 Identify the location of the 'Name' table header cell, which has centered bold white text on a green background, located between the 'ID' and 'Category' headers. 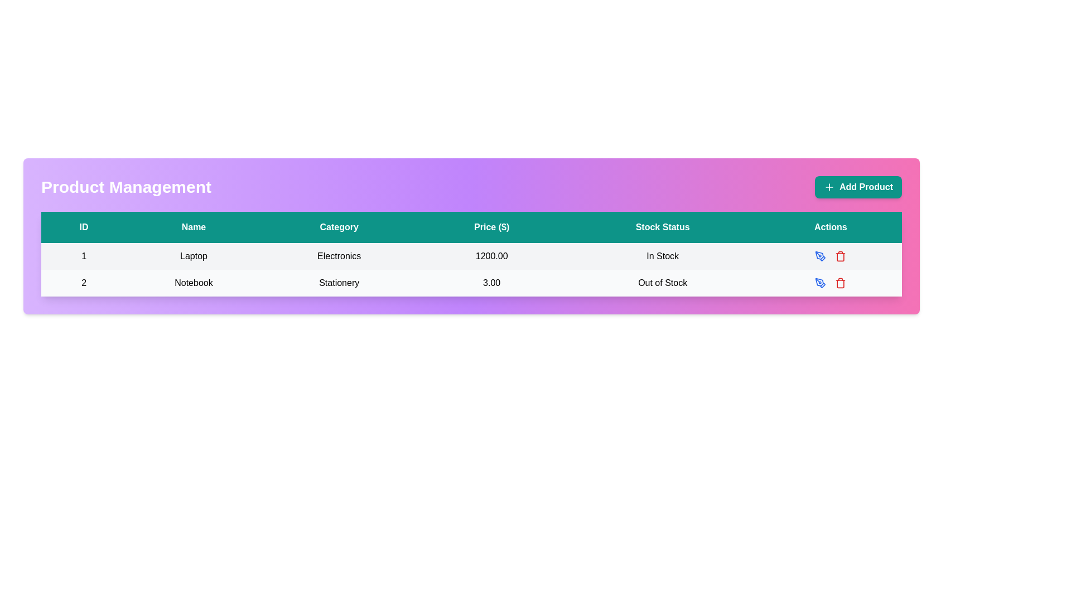
(194, 227).